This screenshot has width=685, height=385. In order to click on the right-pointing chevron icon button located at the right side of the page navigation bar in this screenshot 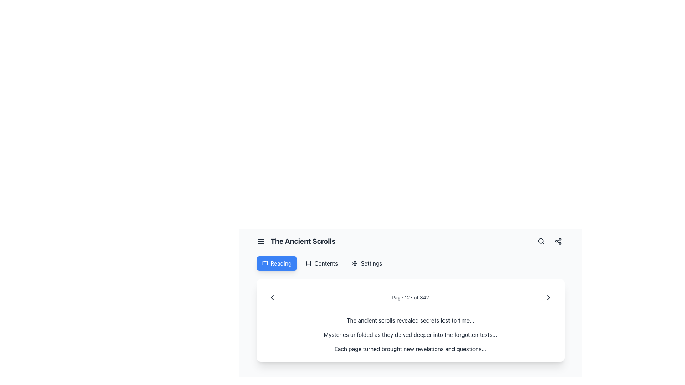, I will do `click(548, 297)`.